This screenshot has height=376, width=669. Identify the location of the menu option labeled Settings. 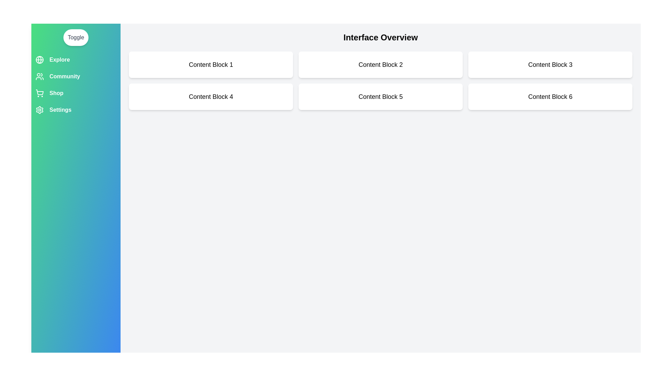
(76, 110).